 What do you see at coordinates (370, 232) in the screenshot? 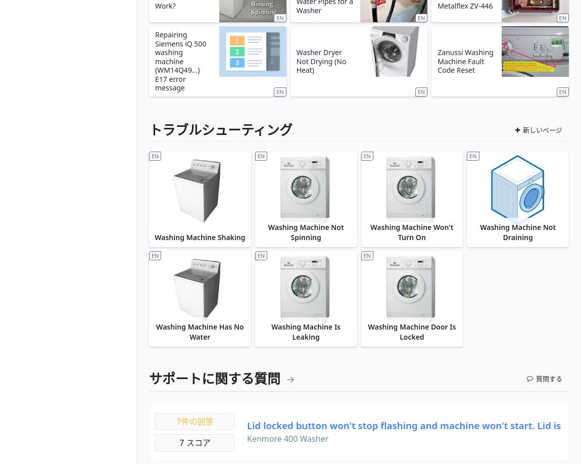
I see `'Washing Machine Won't Turn On'` at bounding box center [370, 232].